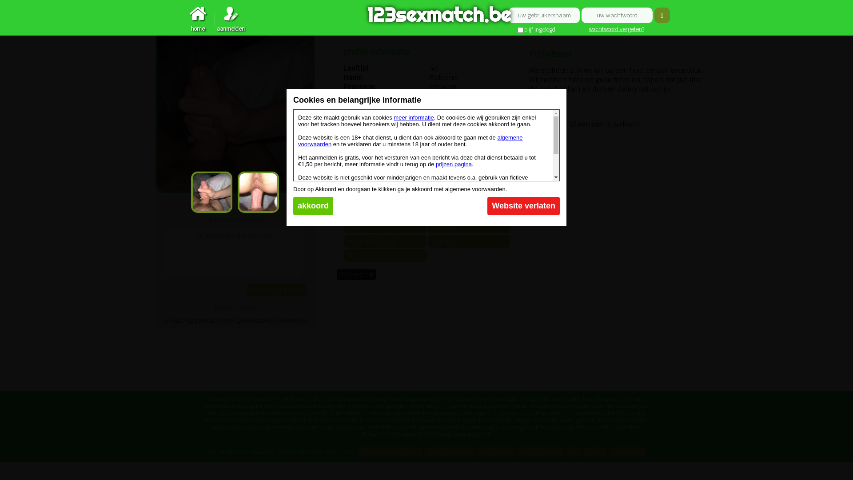 This screenshot has height=480, width=853. I want to click on 'akkoord', so click(313, 206).